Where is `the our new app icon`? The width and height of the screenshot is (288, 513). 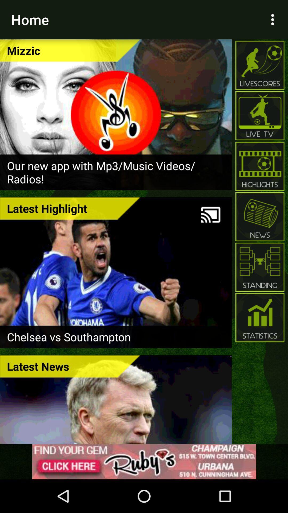
the our new app icon is located at coordinates (115, 172).